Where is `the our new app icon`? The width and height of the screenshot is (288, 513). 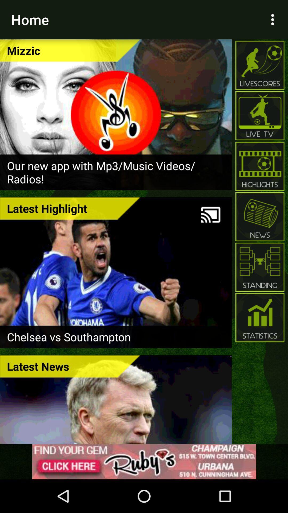
the our new app icon is located at coordinates (115, 172).